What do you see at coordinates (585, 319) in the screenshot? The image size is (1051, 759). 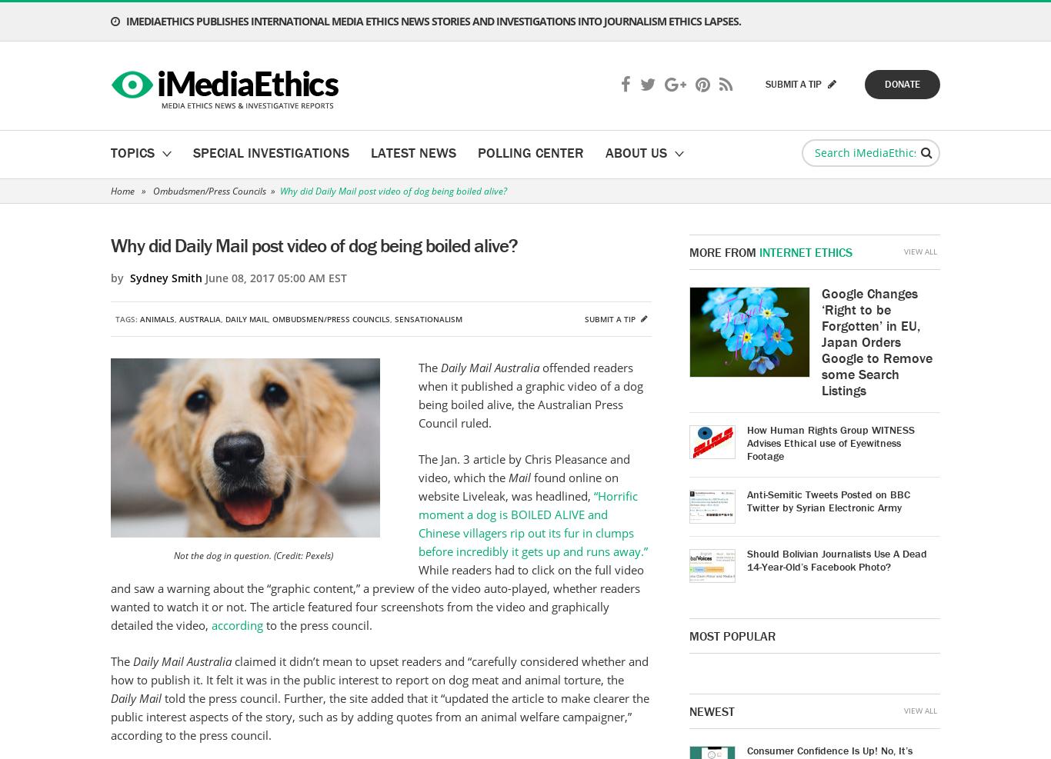 I see `'Submit a tip'` at bounding box center [585, 319].